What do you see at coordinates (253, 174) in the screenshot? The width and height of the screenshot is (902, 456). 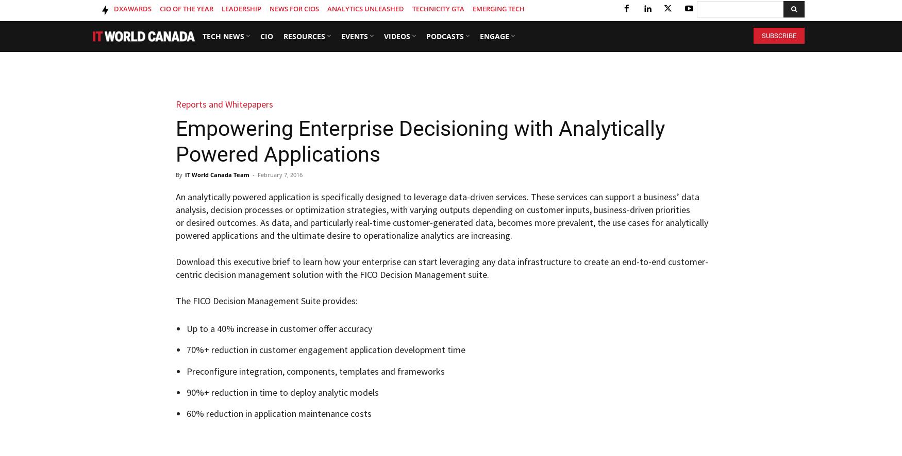 I see `'-'` at bounding box center [253, 174].